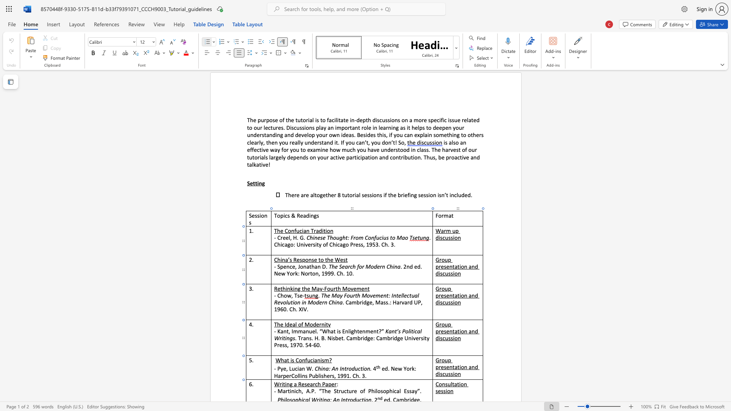  Describe the element at coordinates (319, 384) in the screenshot. I see `the 1th character "h" in the text` at that location.